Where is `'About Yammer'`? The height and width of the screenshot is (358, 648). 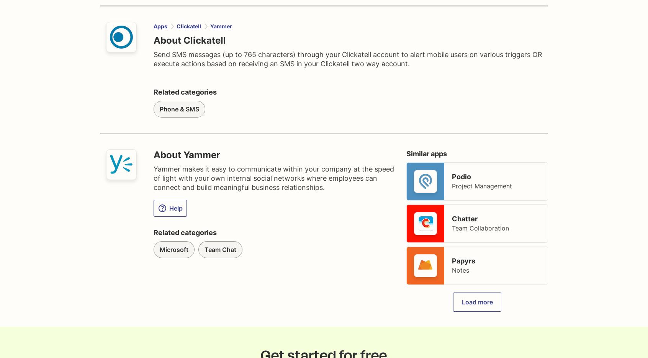 'About Yammer' is located at coordinates (186, 155).